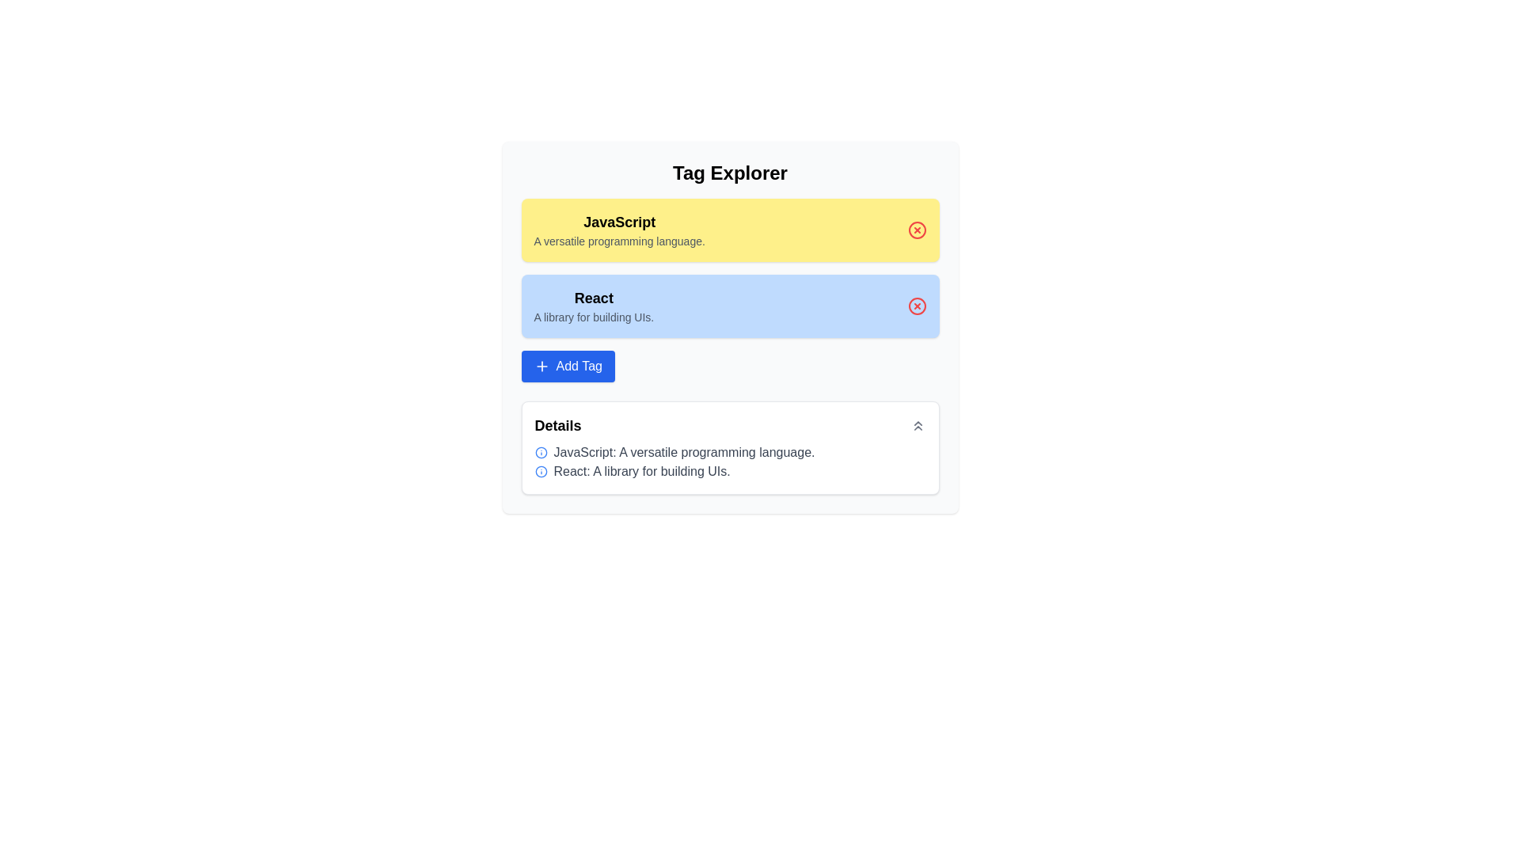  I want to click on displayed information about 'JavaScript' from the first element in the vertical list, which contains a red 'X' button for dismissal, so click(729, 230).